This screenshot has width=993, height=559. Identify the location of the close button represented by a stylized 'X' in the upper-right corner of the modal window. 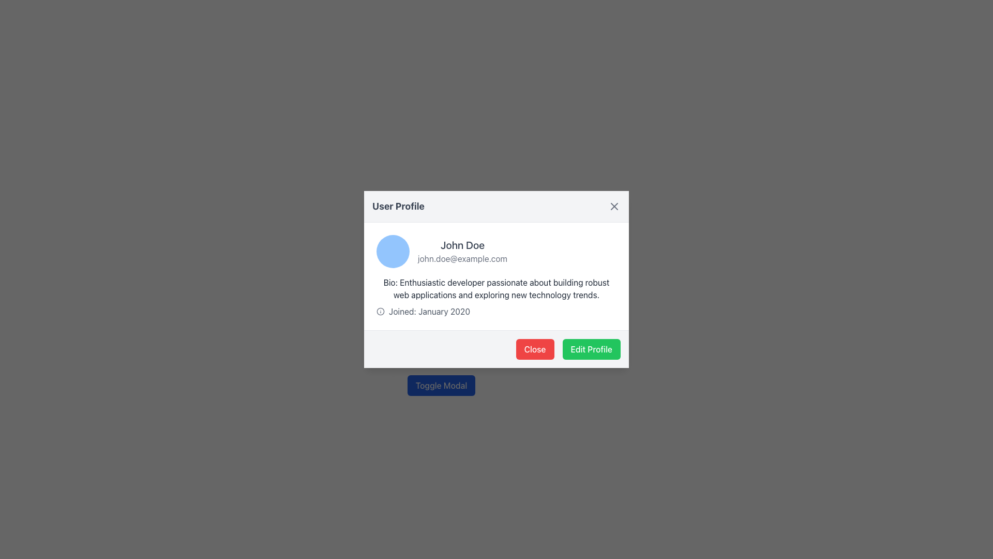
(614, 206).